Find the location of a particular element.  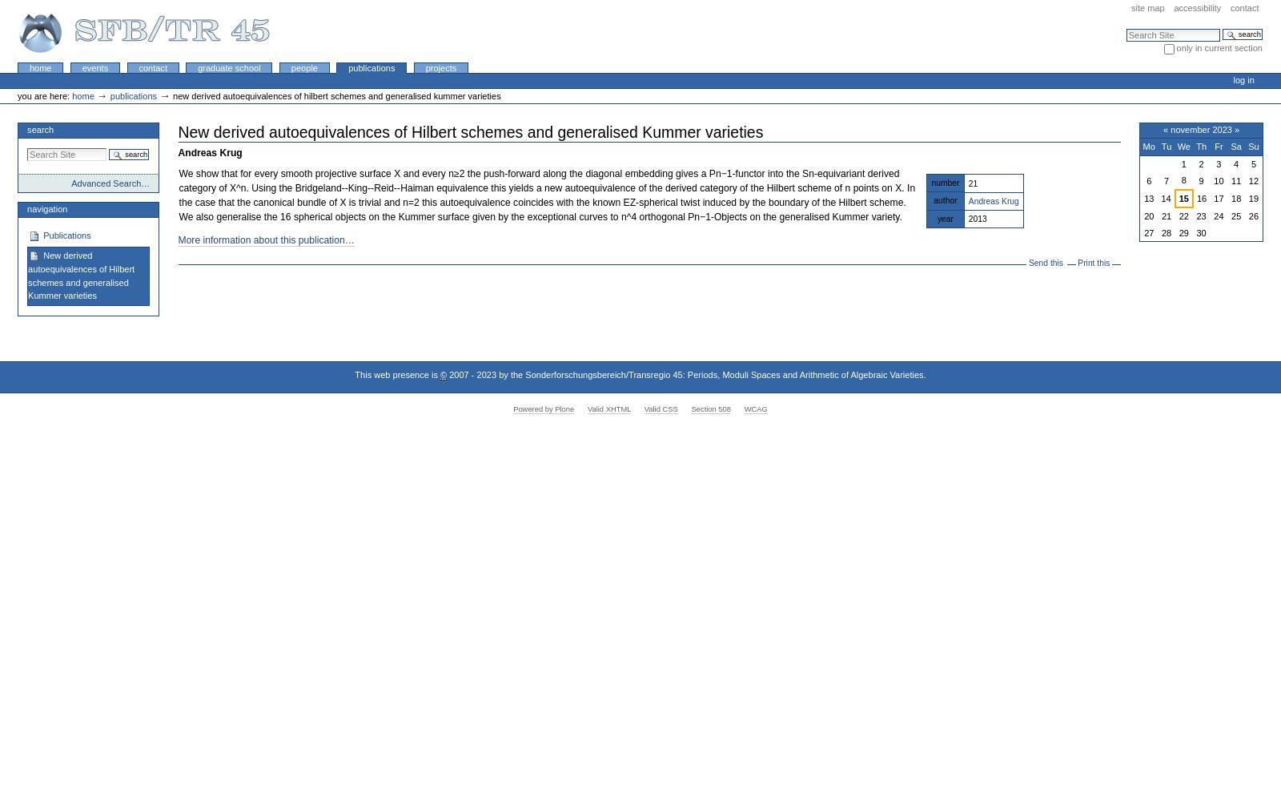

'Print this' is located at coordinates (1093, 262).